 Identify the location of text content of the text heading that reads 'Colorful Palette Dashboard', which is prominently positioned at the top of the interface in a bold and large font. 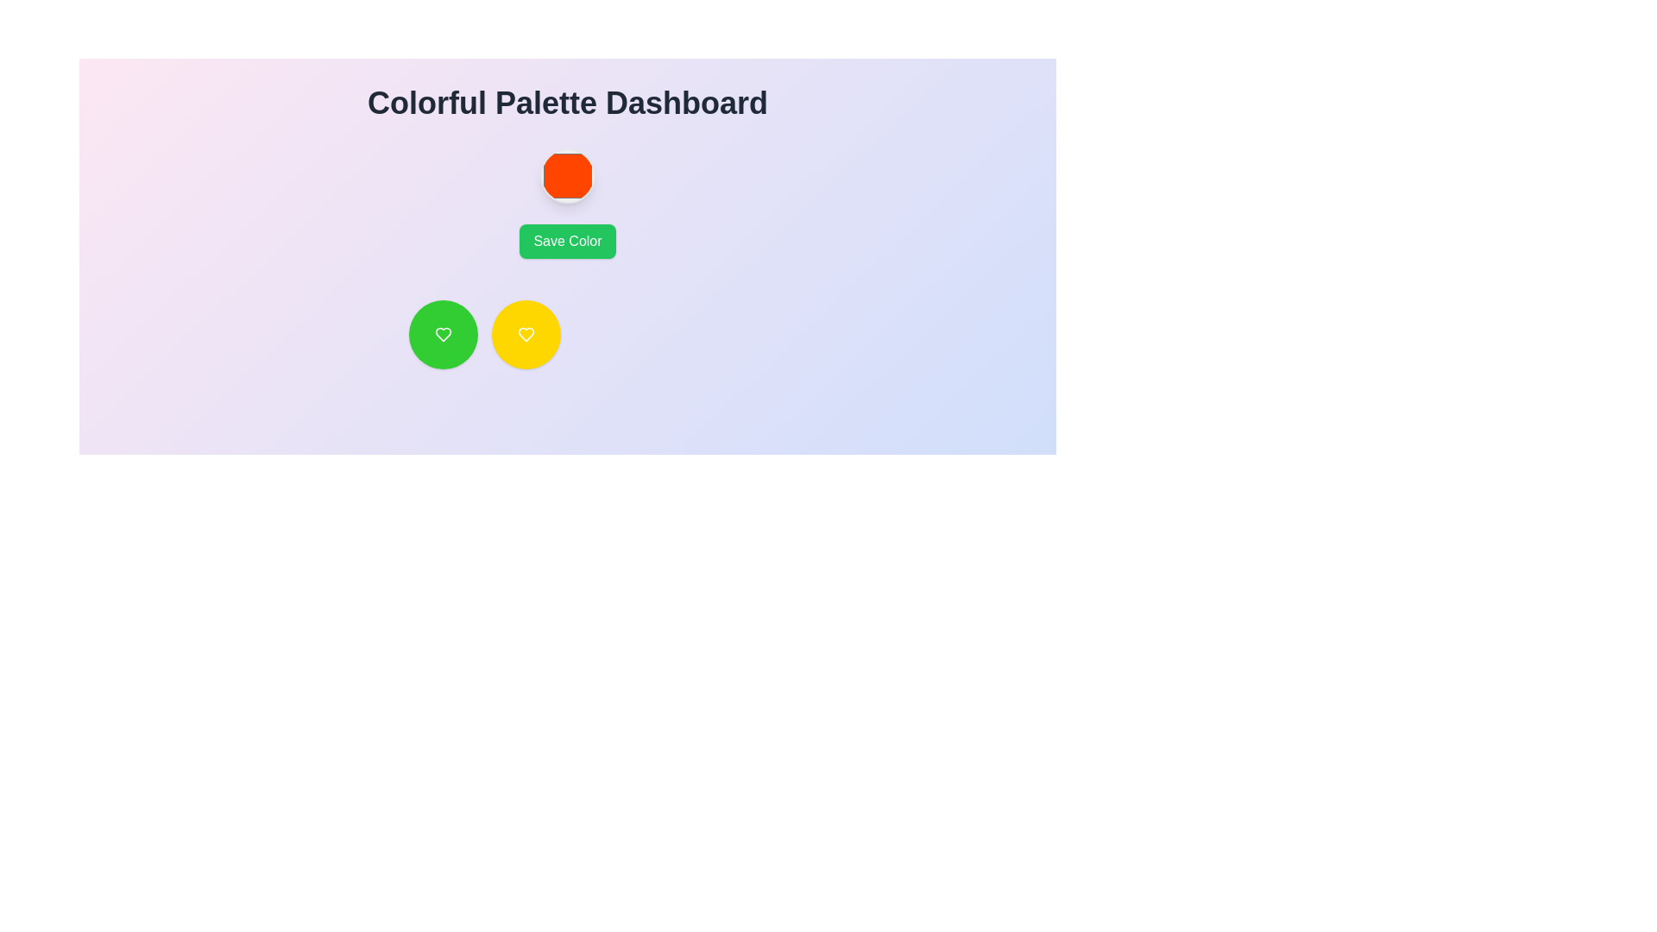
(567, 103).